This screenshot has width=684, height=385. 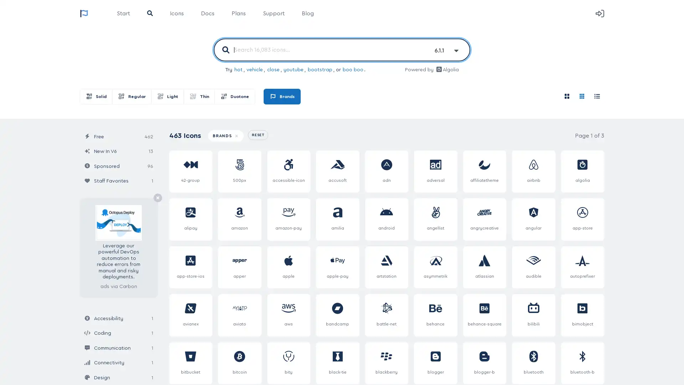 I want to click on alipay, so click(x=190, y=224).